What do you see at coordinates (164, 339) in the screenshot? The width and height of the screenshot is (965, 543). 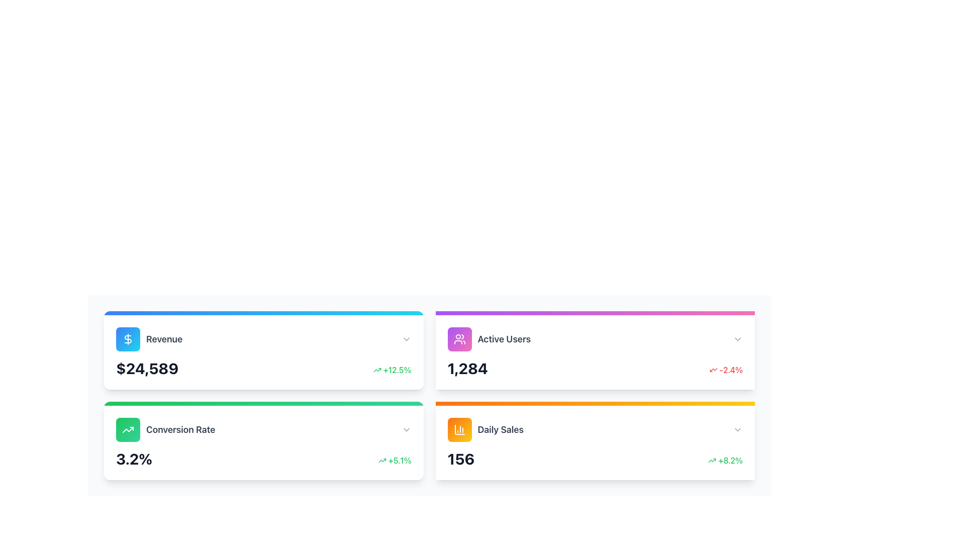 I see `text label displaying 'Revenue' in bold, gray font located in the top-left card of the grid layout, positioned to the right of a blue square with a dollar icon` at bounding box center [164, 339].